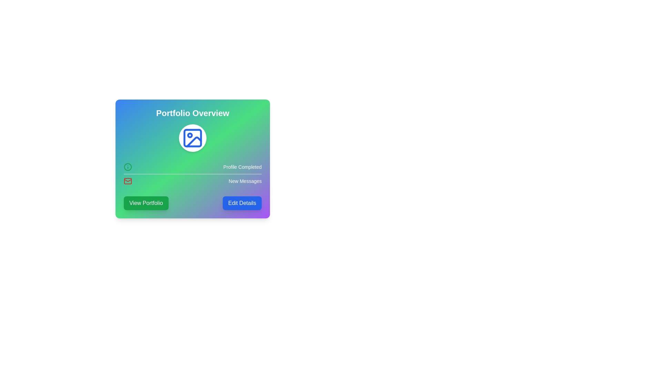 The image size is (662, 372). I want to click on the 'Edit Details' button located to the right of the 'View Portfolio' button to initiate the edit action for profile or portfolio details, so click(242, 203).